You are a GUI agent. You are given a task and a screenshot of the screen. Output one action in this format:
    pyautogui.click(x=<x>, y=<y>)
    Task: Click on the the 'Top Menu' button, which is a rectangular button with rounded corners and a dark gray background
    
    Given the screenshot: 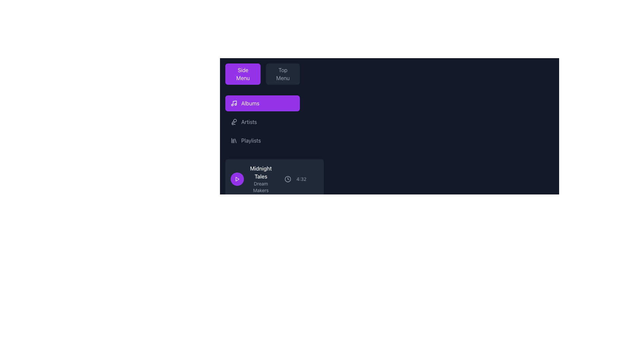 What is the action you would take?
    pyautogui.click(x=283, y=74)
    